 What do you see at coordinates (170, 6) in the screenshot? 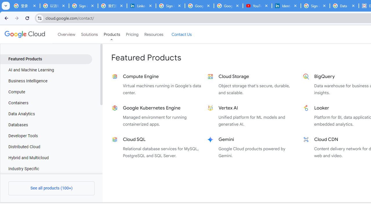
I see `'Sign in - Google Accounts'` at bounding box center [170, 6].